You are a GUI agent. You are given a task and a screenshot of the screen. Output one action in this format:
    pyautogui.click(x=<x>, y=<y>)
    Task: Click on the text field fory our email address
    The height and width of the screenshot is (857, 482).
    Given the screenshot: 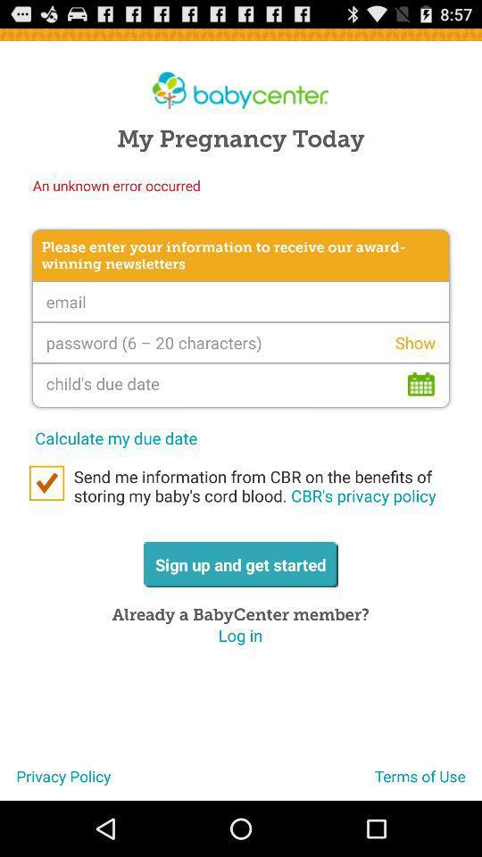 What is the action you would take?
    pyautogui.click(x=241, y=302)
    